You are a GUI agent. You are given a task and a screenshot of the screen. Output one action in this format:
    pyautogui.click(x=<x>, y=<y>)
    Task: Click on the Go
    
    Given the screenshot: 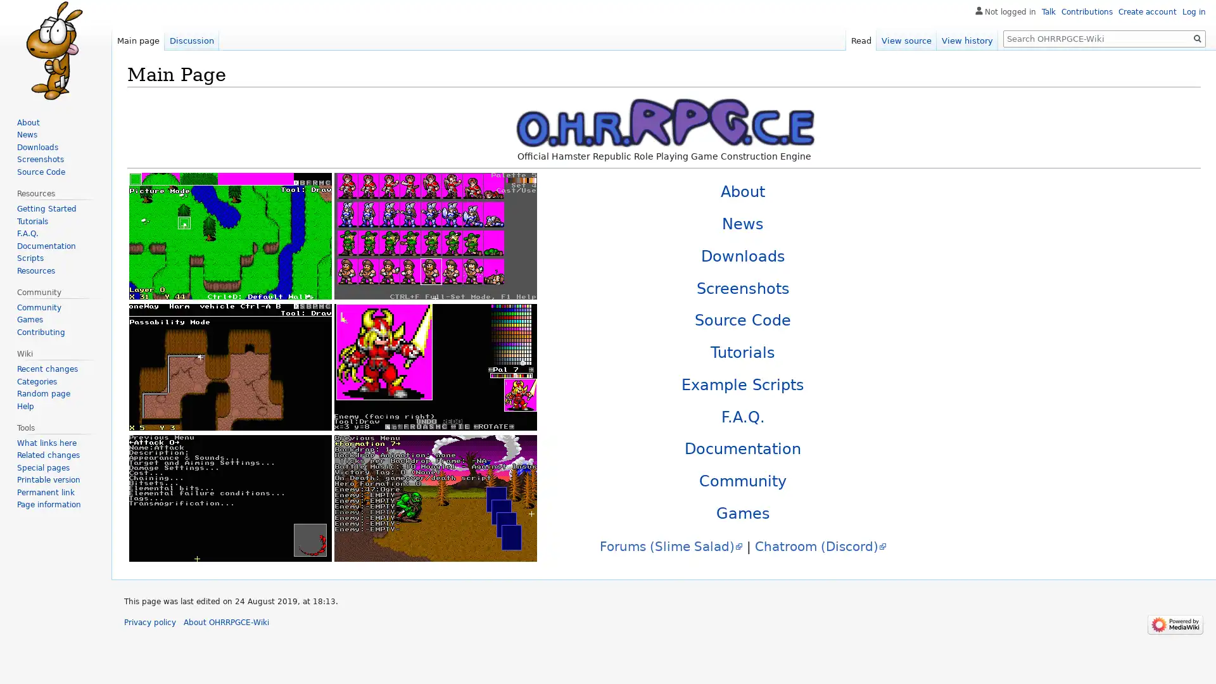 What is the action you would take?
    pyautogui.click(x=1197, y=38)
    